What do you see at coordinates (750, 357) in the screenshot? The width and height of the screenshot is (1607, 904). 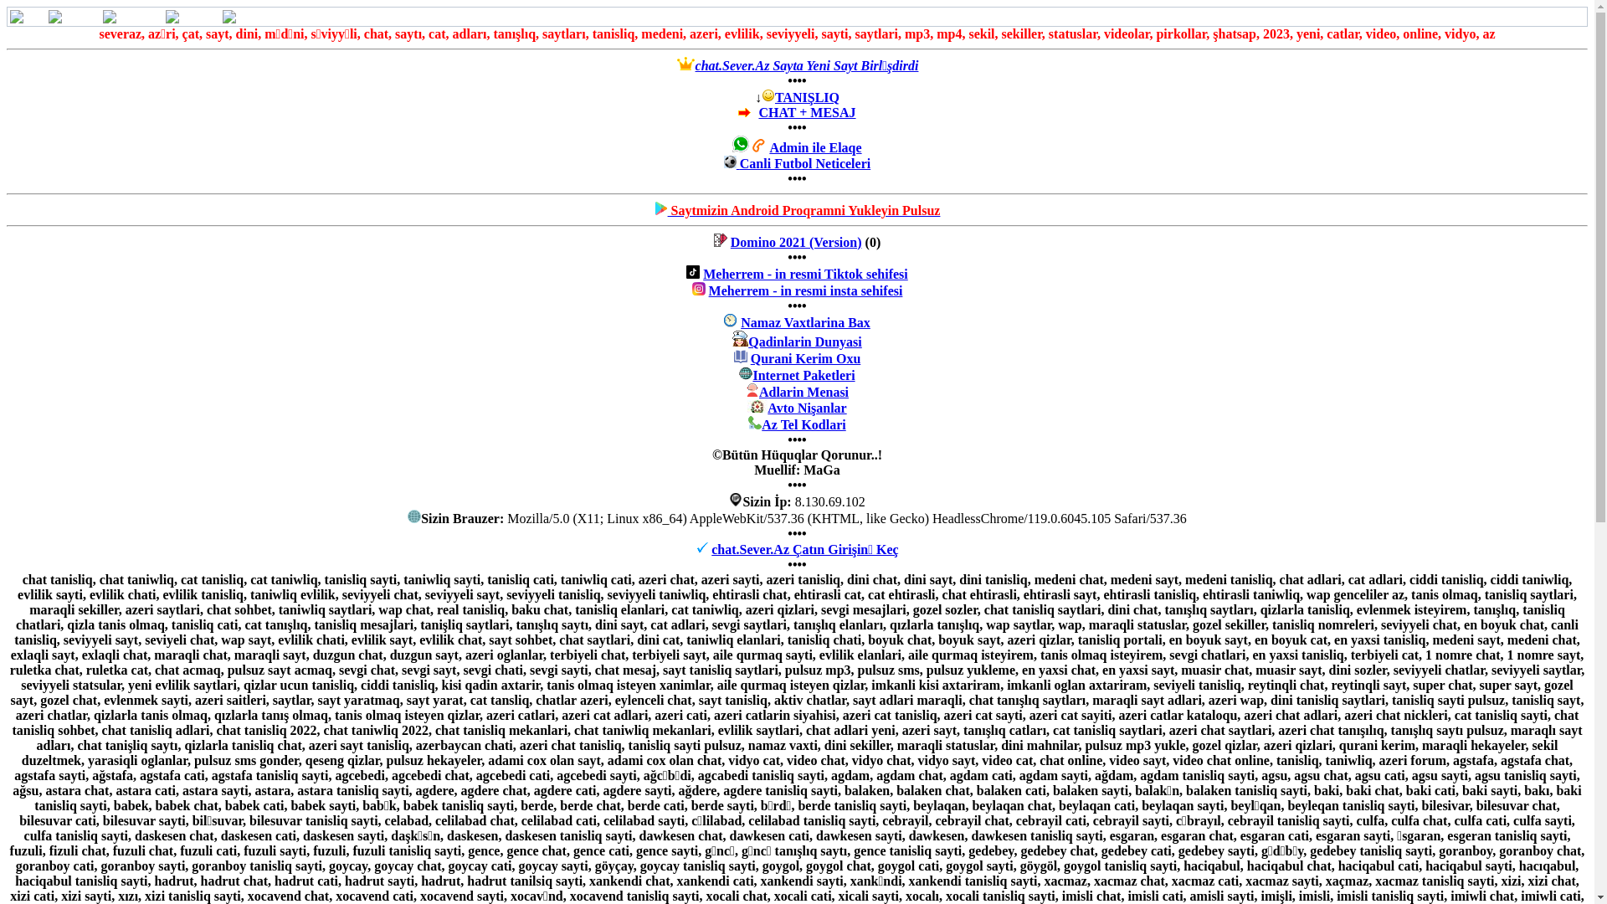 I see `'Qurani Kerim Oxu'` at bounding box center [750, 357].